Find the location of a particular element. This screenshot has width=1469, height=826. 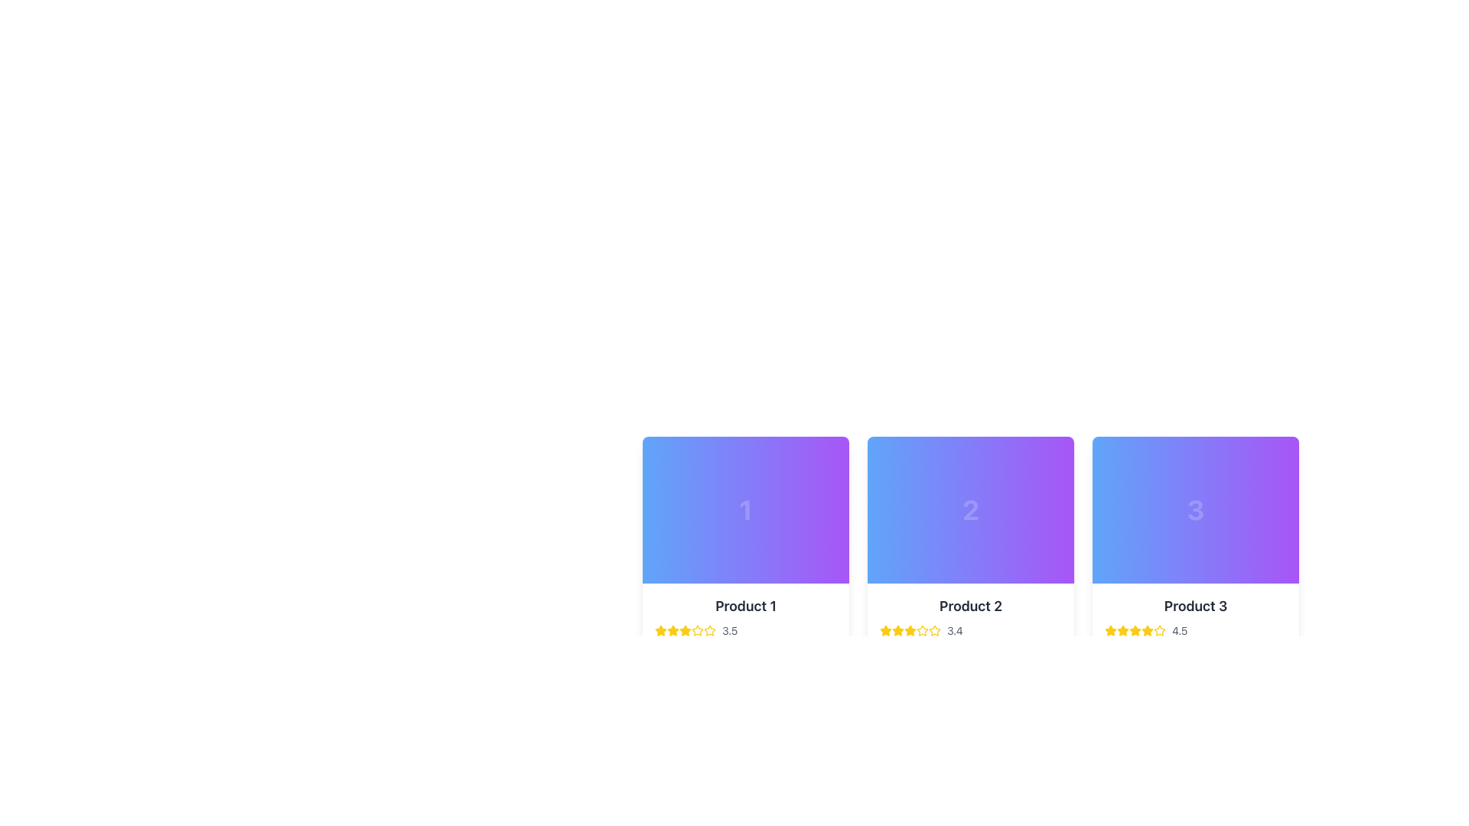

the second star-shaped rating icon located directly below 'Product 2' is located at coordinates (885, 630).